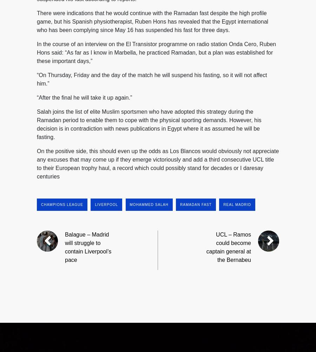  What do you see at coordinates (152, 78) in the screenshot?
I see `'“On Thursday, Friday and the day of the match he will suspend his fasting, so it will not affect him.”'` at bounding box center [152, 78].